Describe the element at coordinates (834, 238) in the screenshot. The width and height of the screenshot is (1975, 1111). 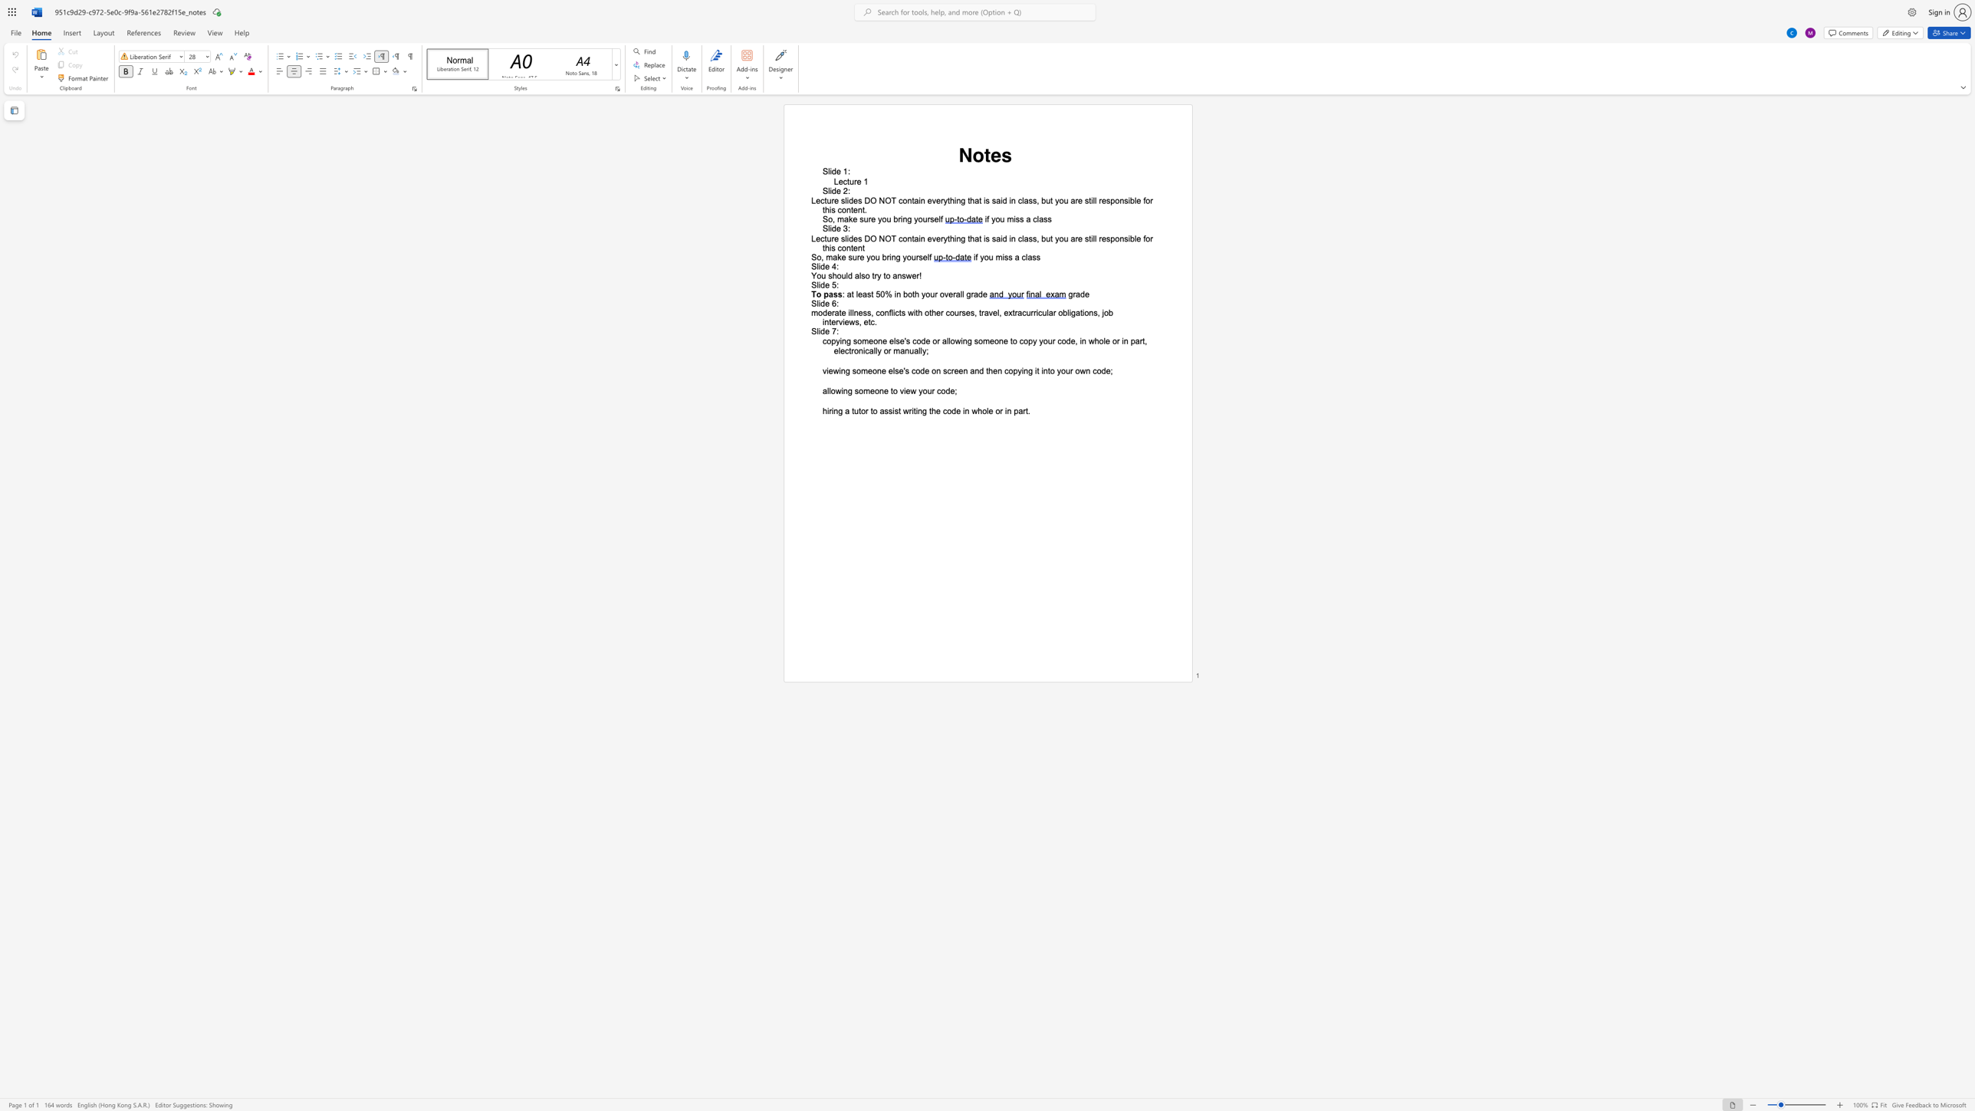
I see `the subset text "e slides" within the text "Lecture slides DO NOT"` at that location.